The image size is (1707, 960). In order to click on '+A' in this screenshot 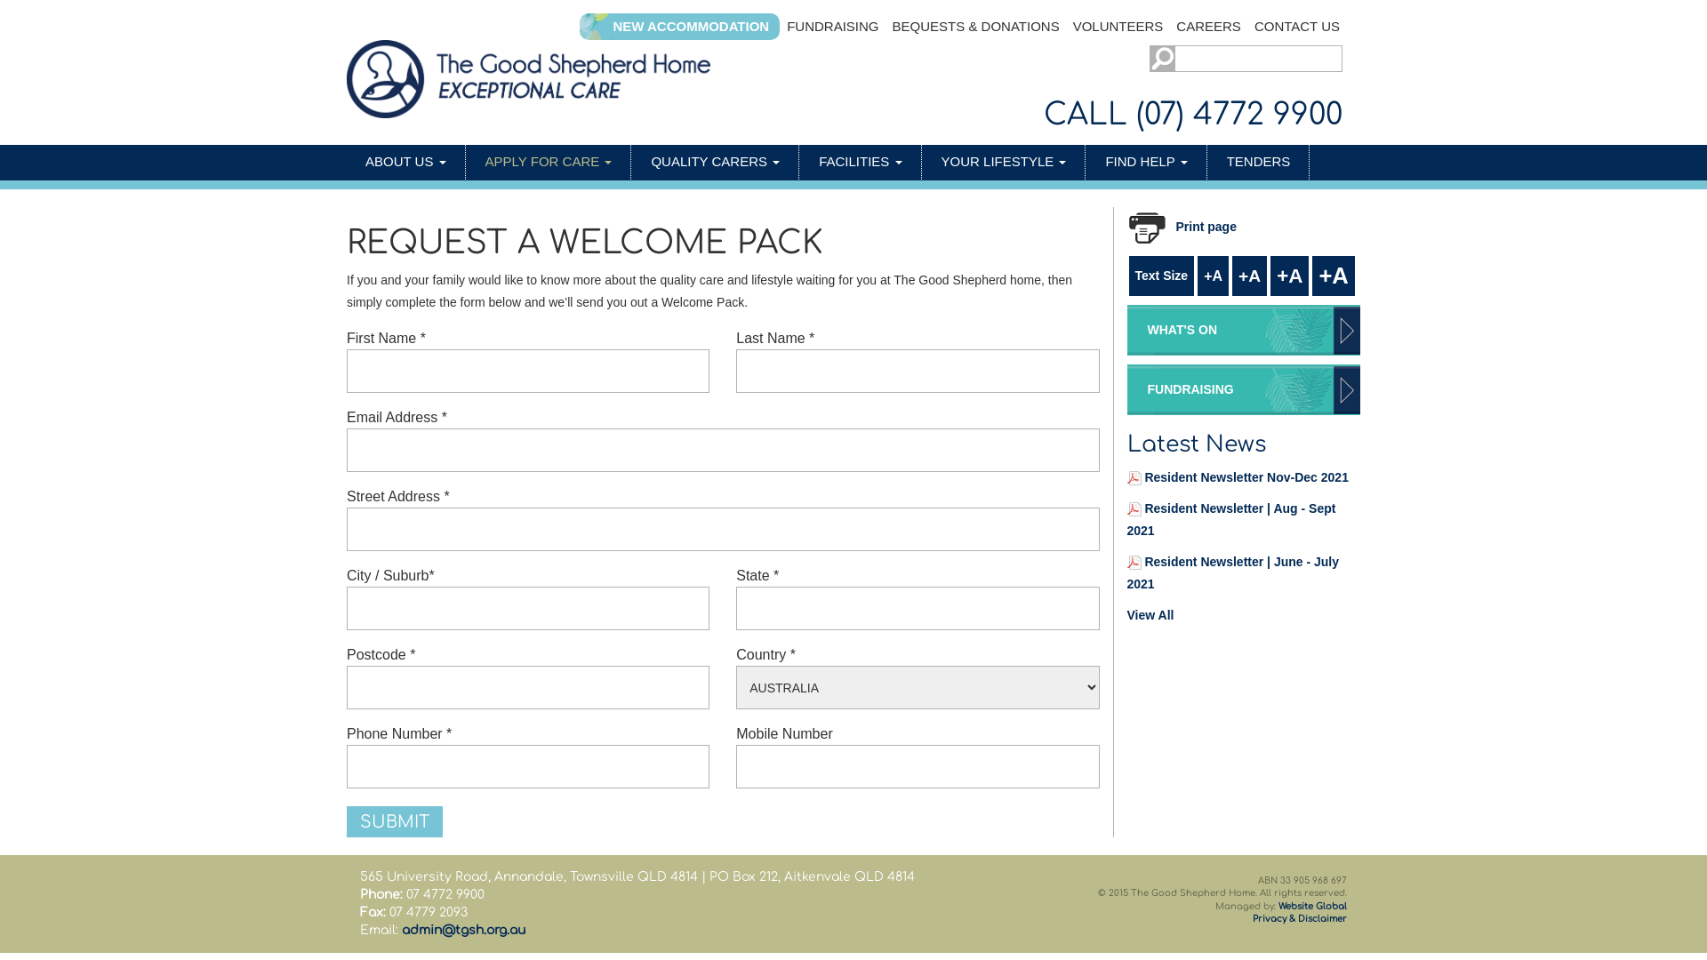, I will do `click(1212, 276)`.